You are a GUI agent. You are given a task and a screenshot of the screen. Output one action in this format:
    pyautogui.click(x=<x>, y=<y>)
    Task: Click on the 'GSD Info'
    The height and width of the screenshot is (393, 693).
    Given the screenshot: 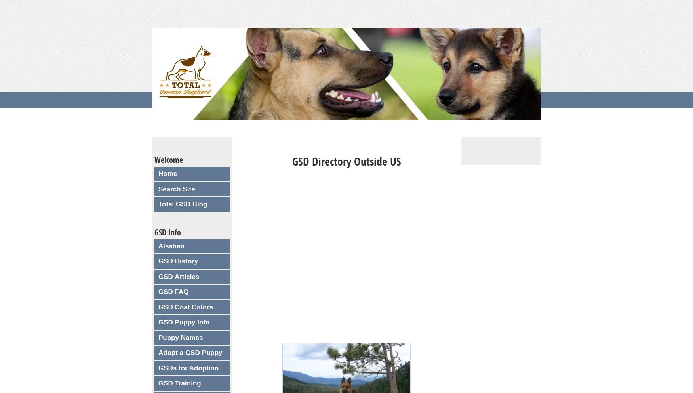 What is the action you would take?
    pyautogui.click(x=167, y=231)
    